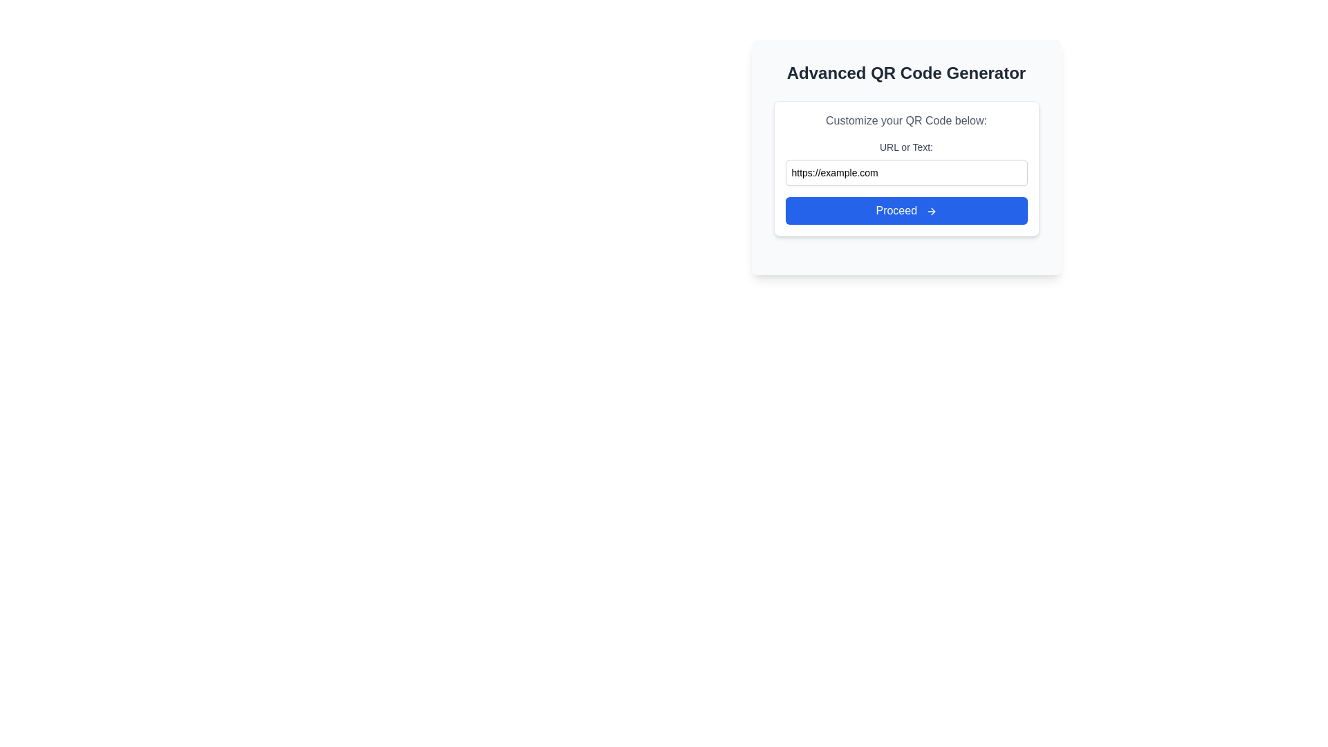  Describe the element at coordinates (931, 211) in the screenshot. I see `the arrow icon located to the right of the 'Proceed' text on the blue button at the lower portion of the central white card interface` at that location.